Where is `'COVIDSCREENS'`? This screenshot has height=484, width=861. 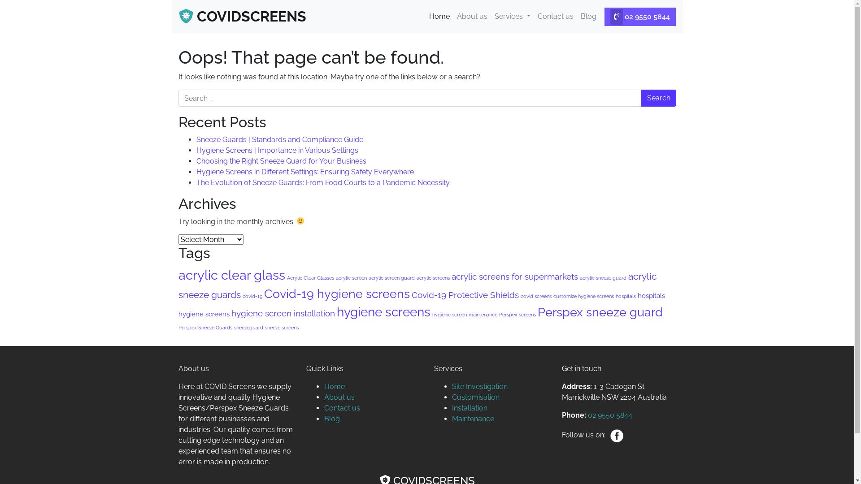
'COVIDSCREENS' is located at coordinates (242, 17).